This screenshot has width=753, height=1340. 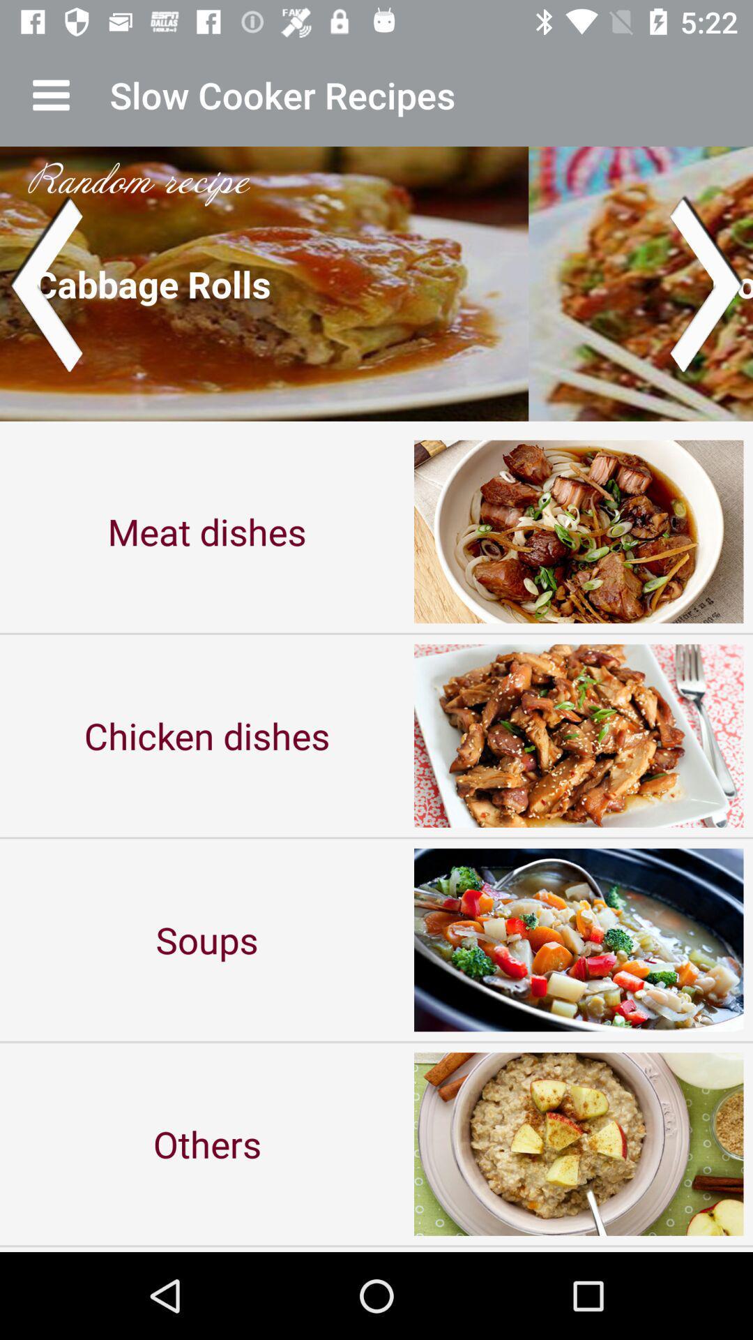 I want to click on next, so click(x=707, y=283).